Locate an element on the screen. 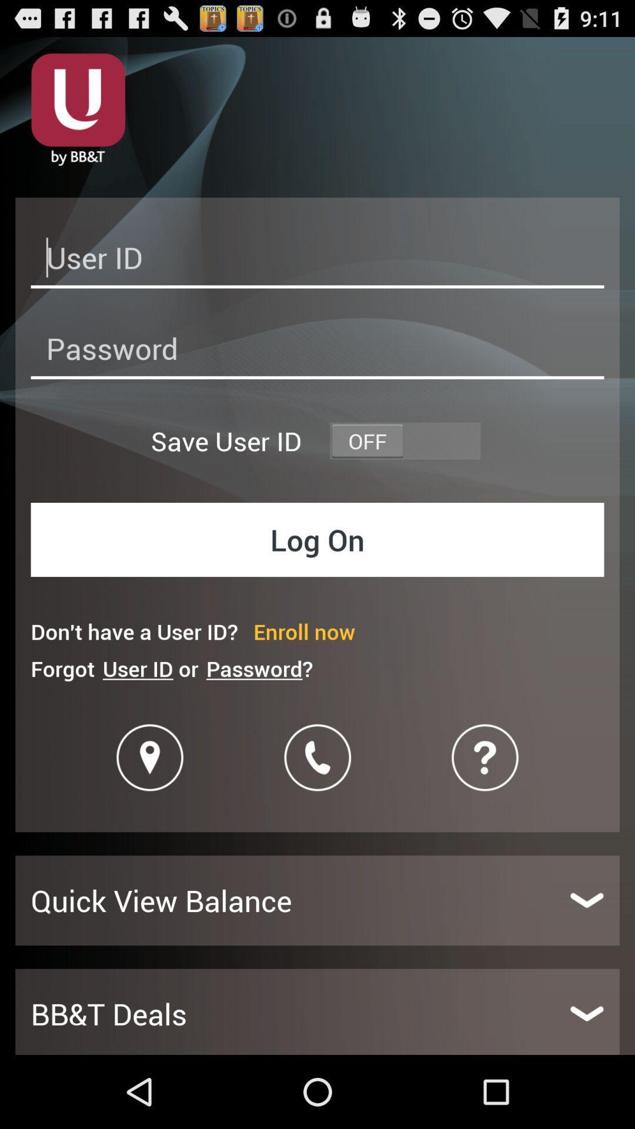  type user id is located at coordinates (317, 260).